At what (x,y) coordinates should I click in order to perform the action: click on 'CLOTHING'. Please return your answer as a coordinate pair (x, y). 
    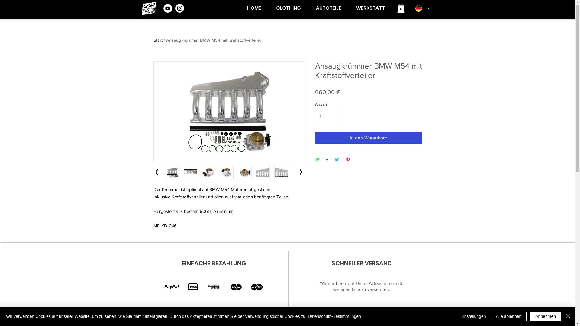
    Looking at the image, I should click on (288, 8).